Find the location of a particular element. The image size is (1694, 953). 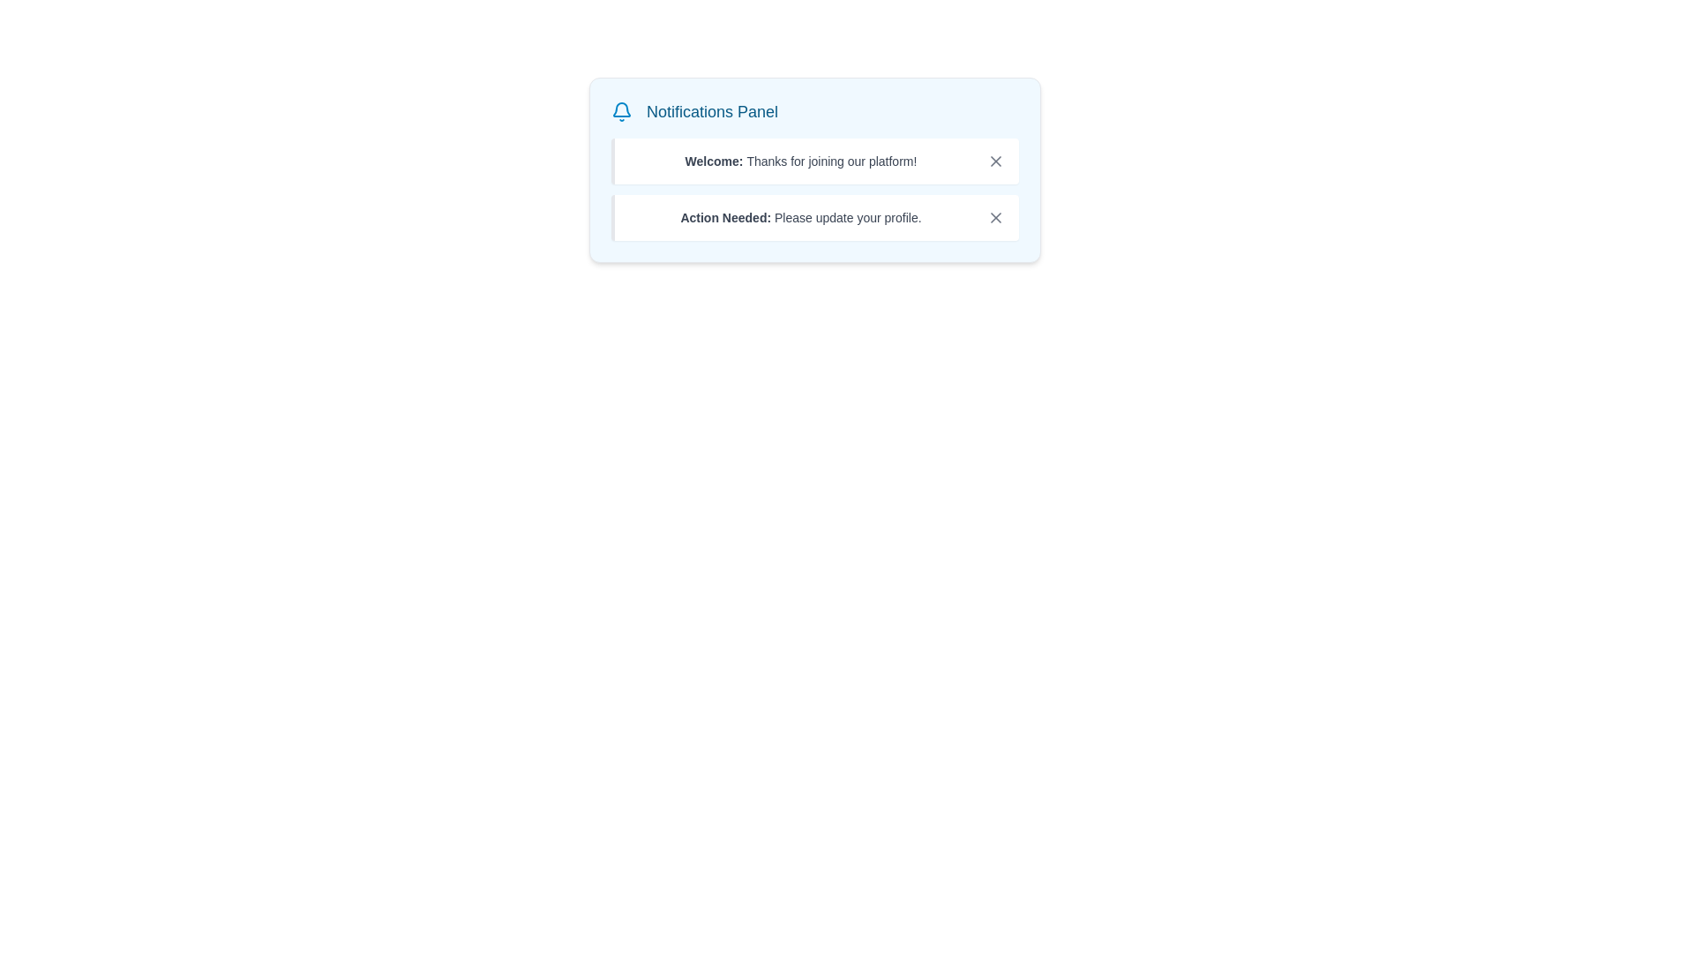

the close button is located at coordinates (995, 161).